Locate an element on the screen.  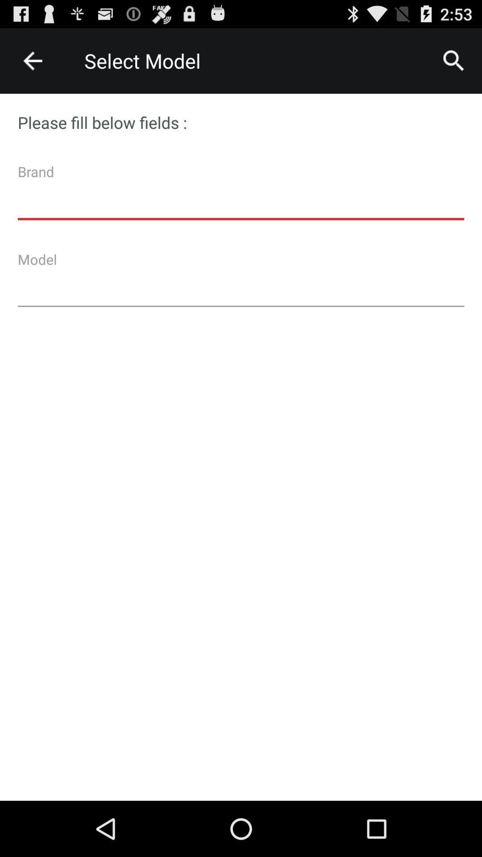
icon to the left of the select model icon is located at coordinates (32, 60).